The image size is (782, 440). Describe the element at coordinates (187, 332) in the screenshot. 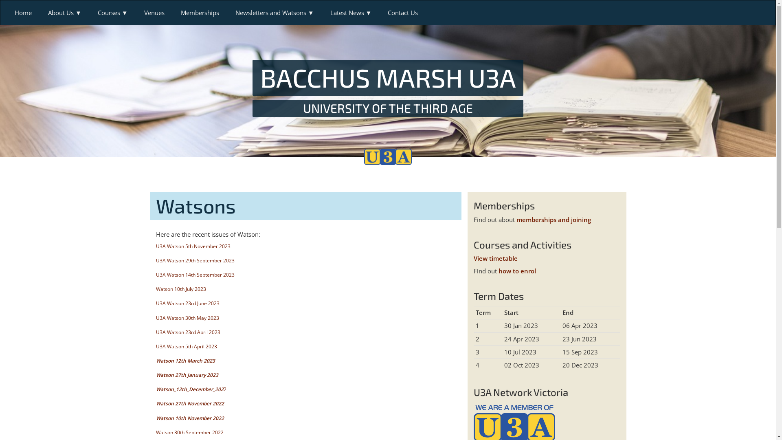

I see `'U3A Watson 23rd April 2023'` at that location.